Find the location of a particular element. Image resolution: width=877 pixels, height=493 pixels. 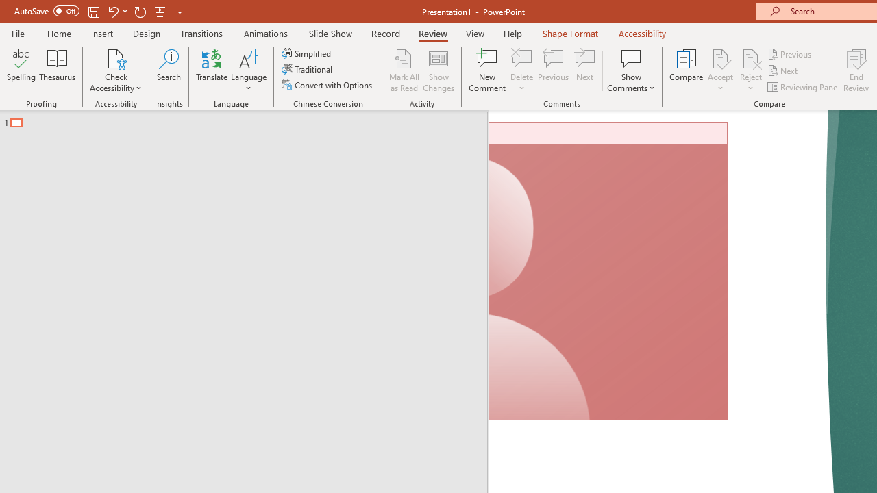

'Show Comments' is located at coordinates (630, 58).